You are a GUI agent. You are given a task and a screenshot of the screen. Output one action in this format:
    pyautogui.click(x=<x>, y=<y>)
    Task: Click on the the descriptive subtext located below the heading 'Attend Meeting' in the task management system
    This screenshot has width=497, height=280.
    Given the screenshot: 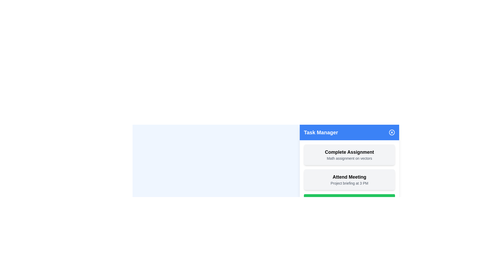 What is the action you would take?
    pyautogui.click(x=349, y=183)
    